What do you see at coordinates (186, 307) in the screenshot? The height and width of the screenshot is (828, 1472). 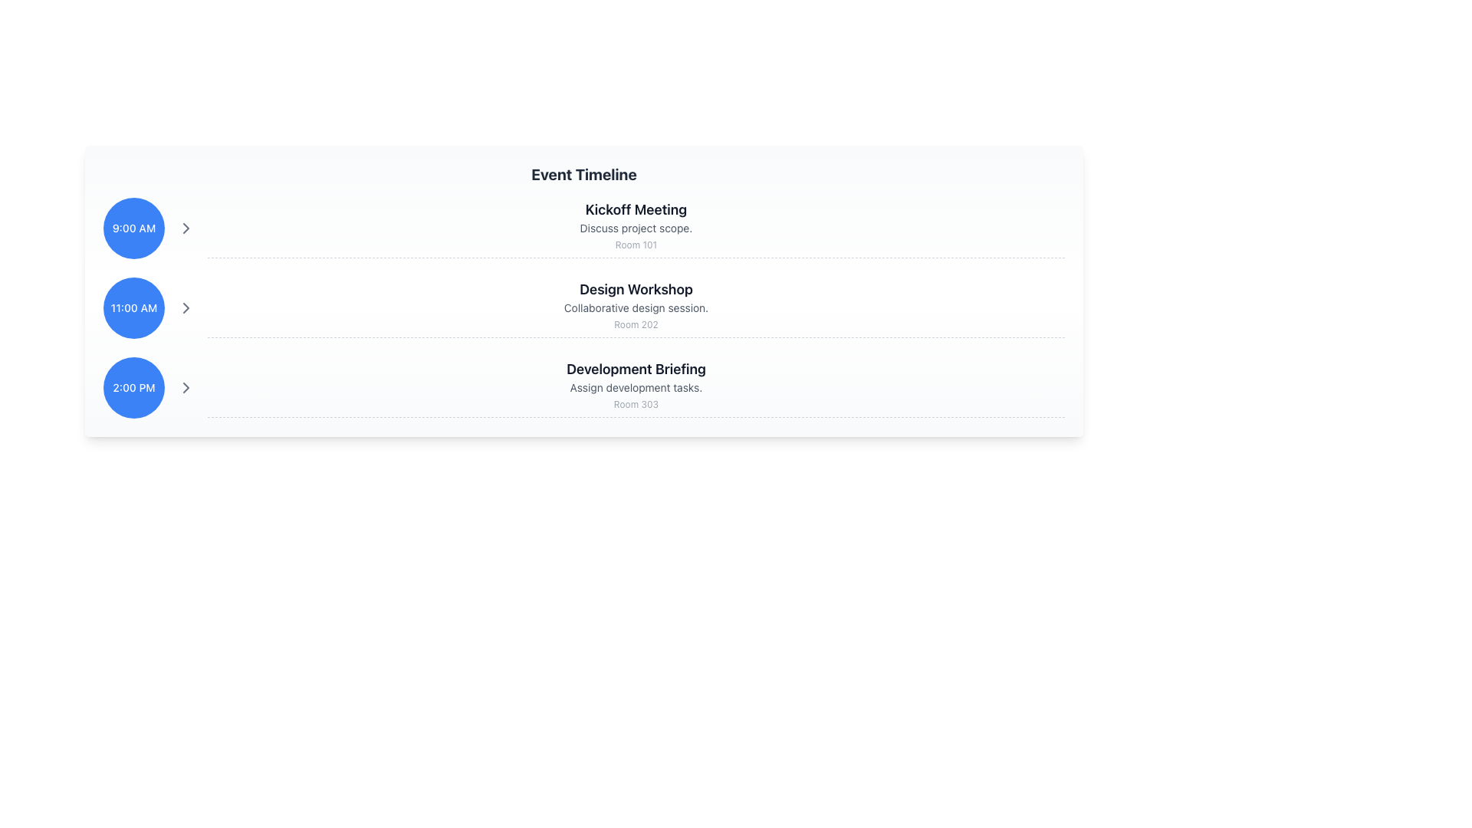 I see `the navigation arrow button located to the right of the blue circle labeled '11:00 AM' to observe the hover effect` at bounding box center [186, 307].